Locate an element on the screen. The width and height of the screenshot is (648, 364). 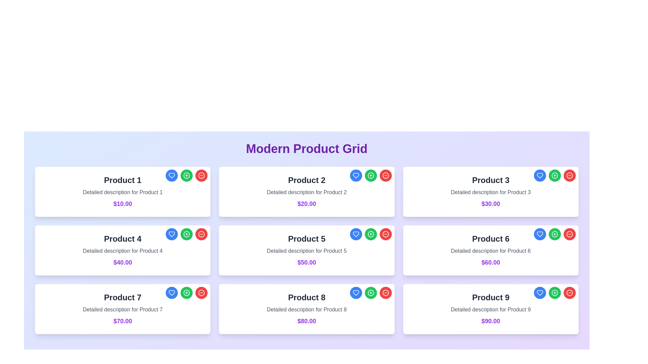
descriptive text label located in the middle text section of the 'Product 5' card, positioned below the title and above the price section is located at coordinates (306, 251).